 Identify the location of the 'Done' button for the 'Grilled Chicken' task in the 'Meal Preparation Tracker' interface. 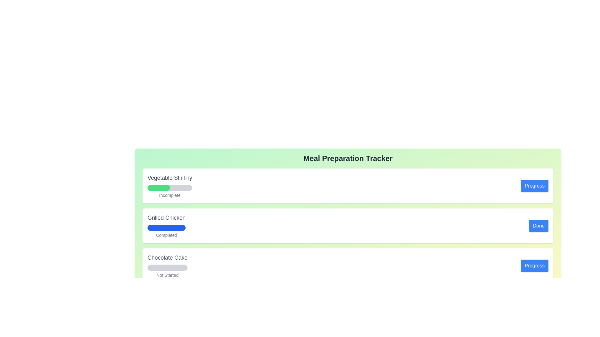
(538, 226).